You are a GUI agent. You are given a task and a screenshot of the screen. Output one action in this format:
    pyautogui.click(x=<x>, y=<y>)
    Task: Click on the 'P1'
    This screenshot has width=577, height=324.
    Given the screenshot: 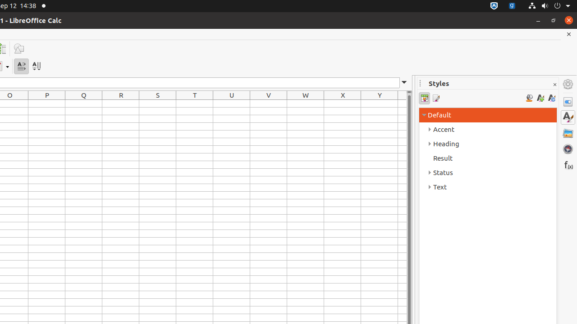 What is the action you would take?
    pyautogui.click(x=46, y=103)
    